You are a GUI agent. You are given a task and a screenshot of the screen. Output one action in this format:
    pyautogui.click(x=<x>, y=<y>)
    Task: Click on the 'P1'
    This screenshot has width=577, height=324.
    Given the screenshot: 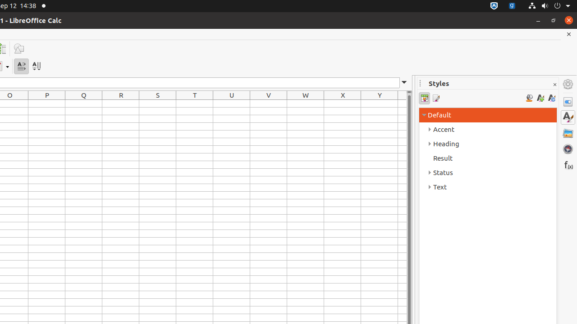 What is the action you would take?
    pyautogui.click(x=46, y=103)
    